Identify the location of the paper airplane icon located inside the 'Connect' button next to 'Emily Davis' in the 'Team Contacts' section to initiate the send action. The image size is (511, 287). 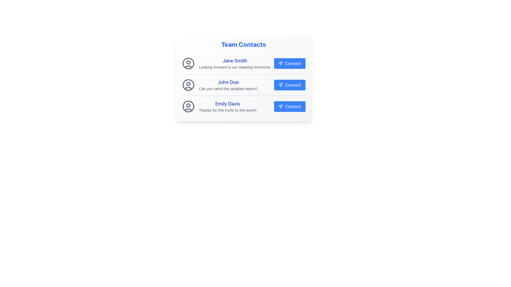
(280, 107).